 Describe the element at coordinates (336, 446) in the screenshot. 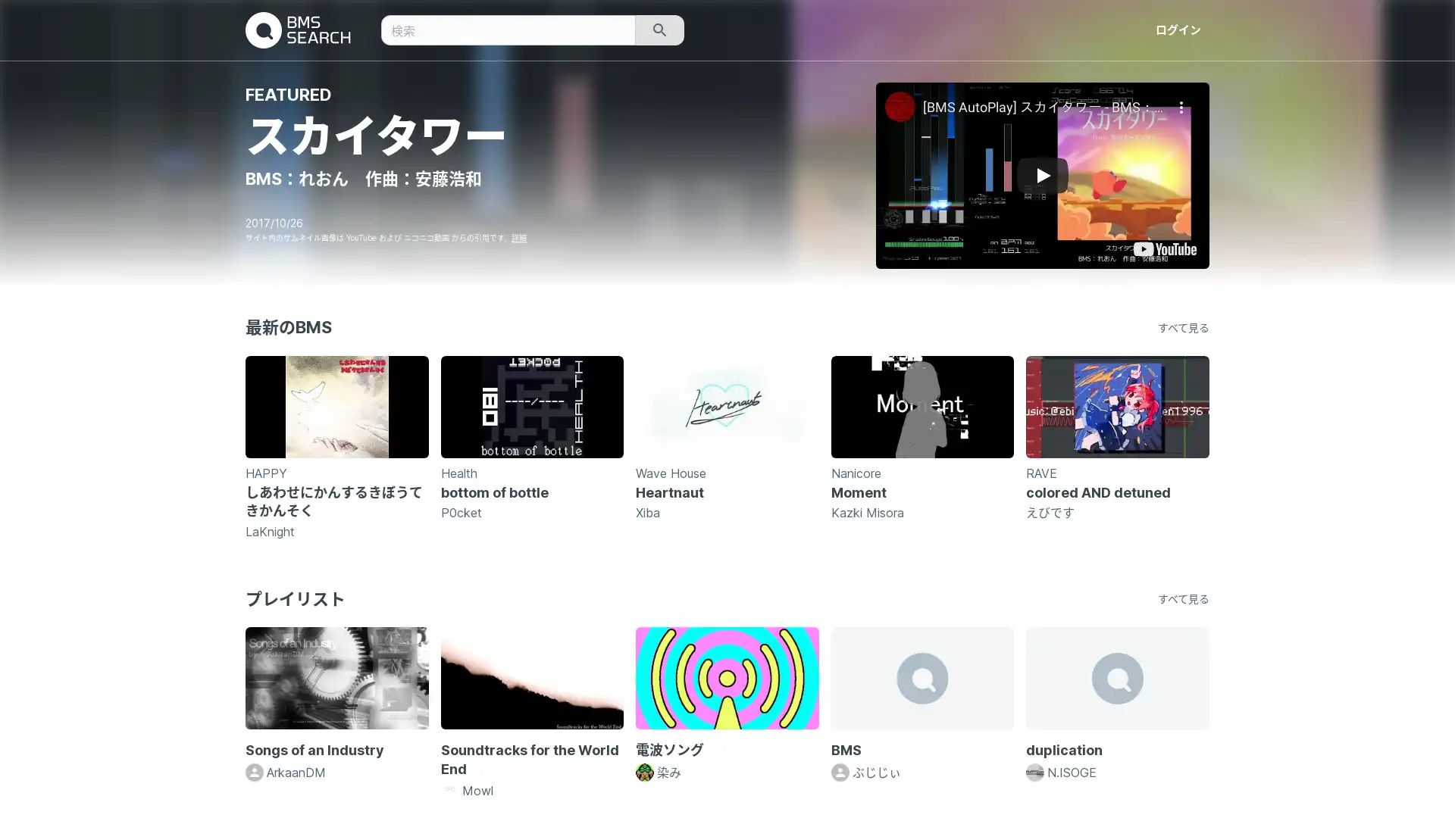

I see `HAPPY  LaKnight` at that location.